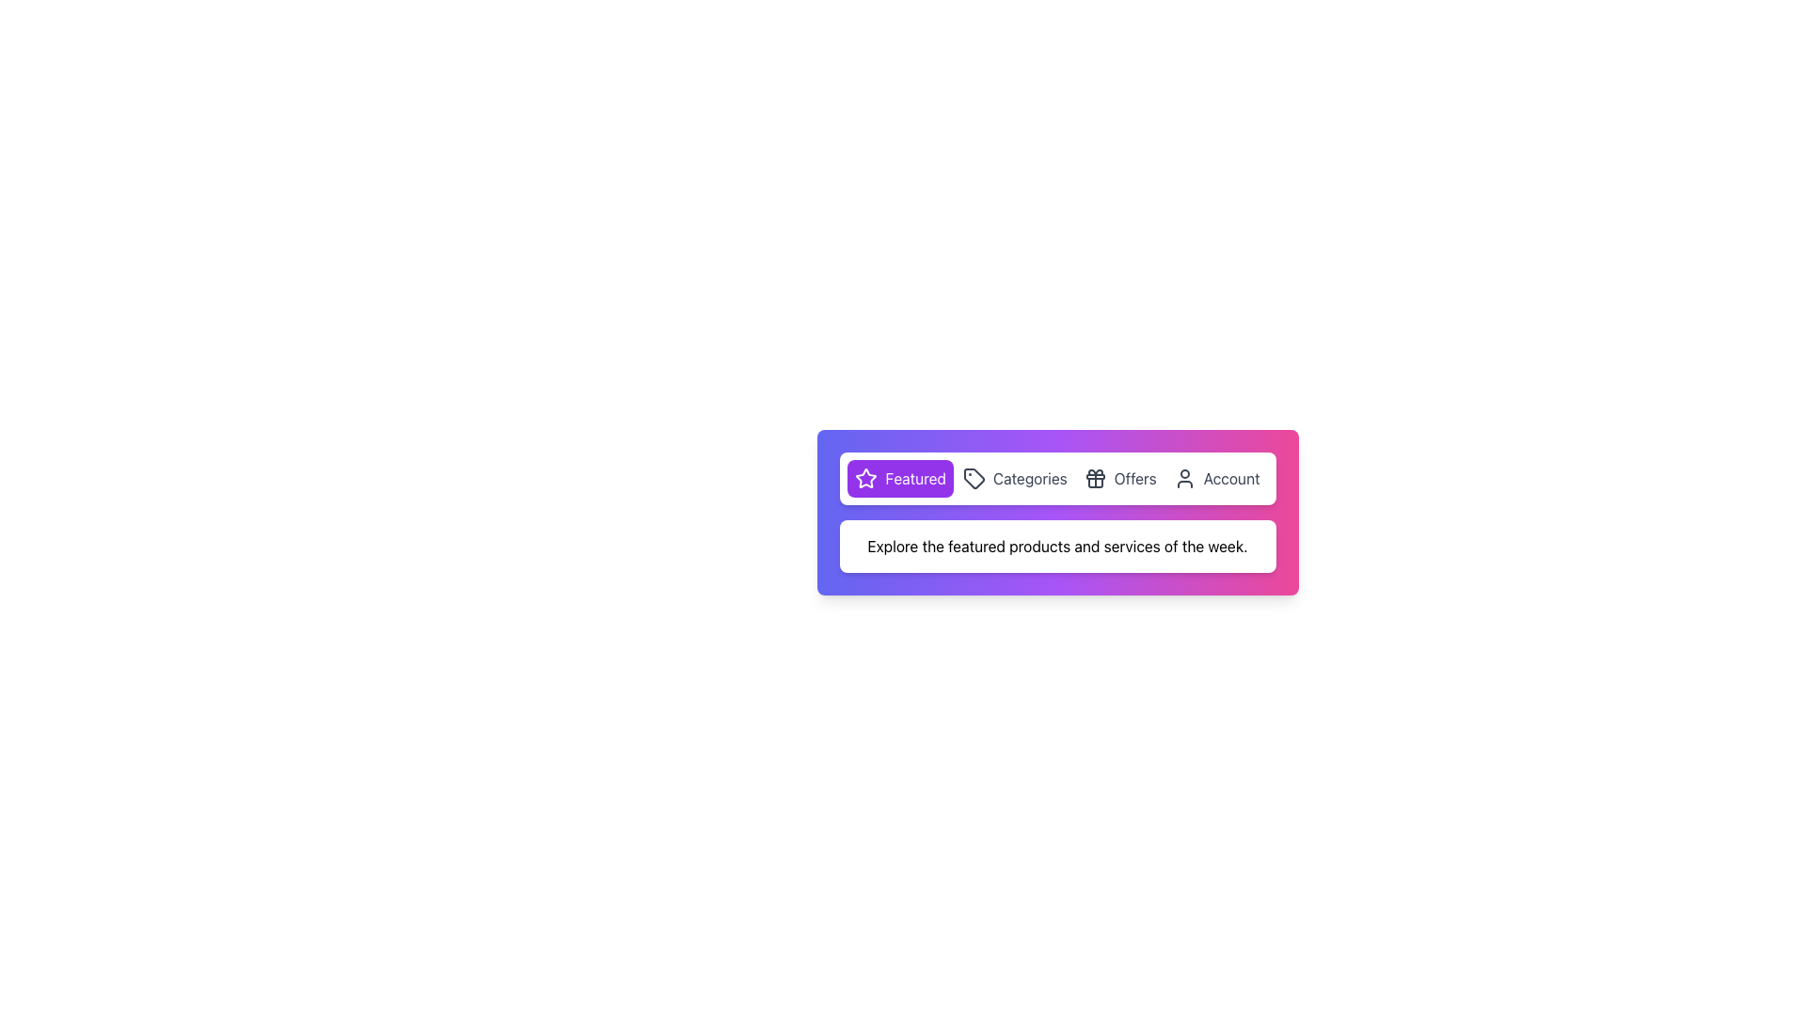 Image resolution: width=1806 pixels, height=1016 pixels. What do you see at coordinates (865, 478) in the screenshot?
I see `the decorative icon representing the 'Featured' label, located at the top-left inside the 'Featured' section` at bounding box center [865, 478].